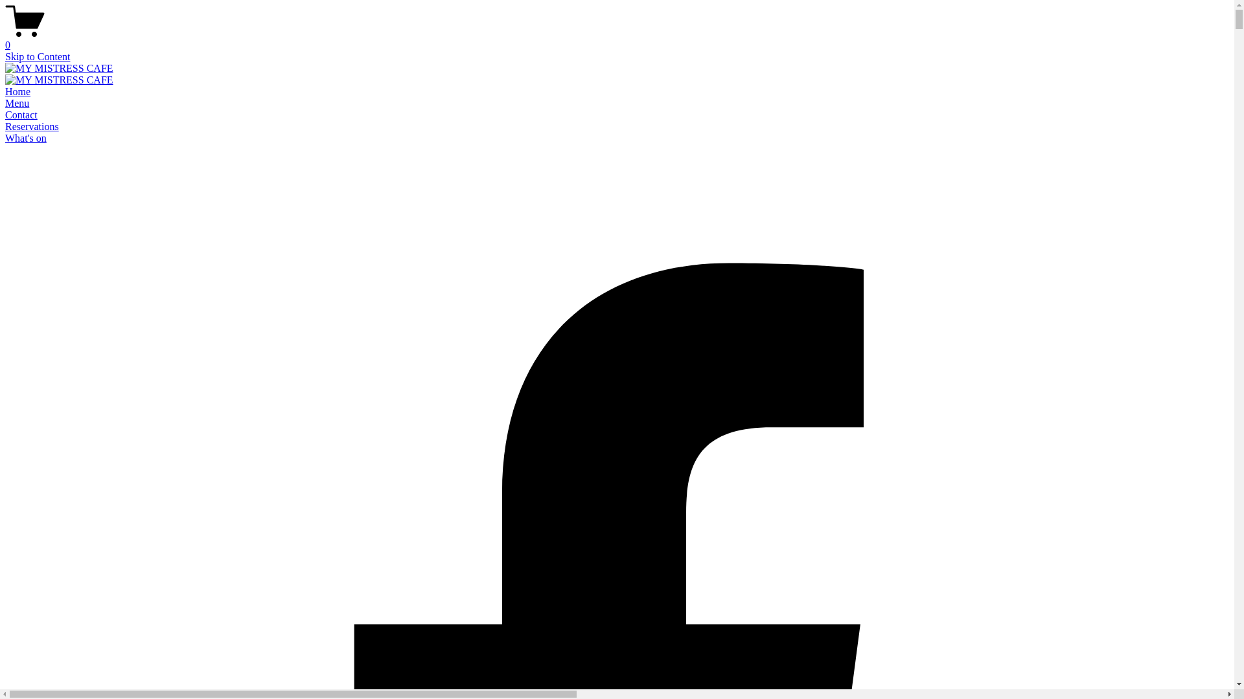 This screenshot has height=699, width=1244. I want to click on 'Menu', so click(17, 102).